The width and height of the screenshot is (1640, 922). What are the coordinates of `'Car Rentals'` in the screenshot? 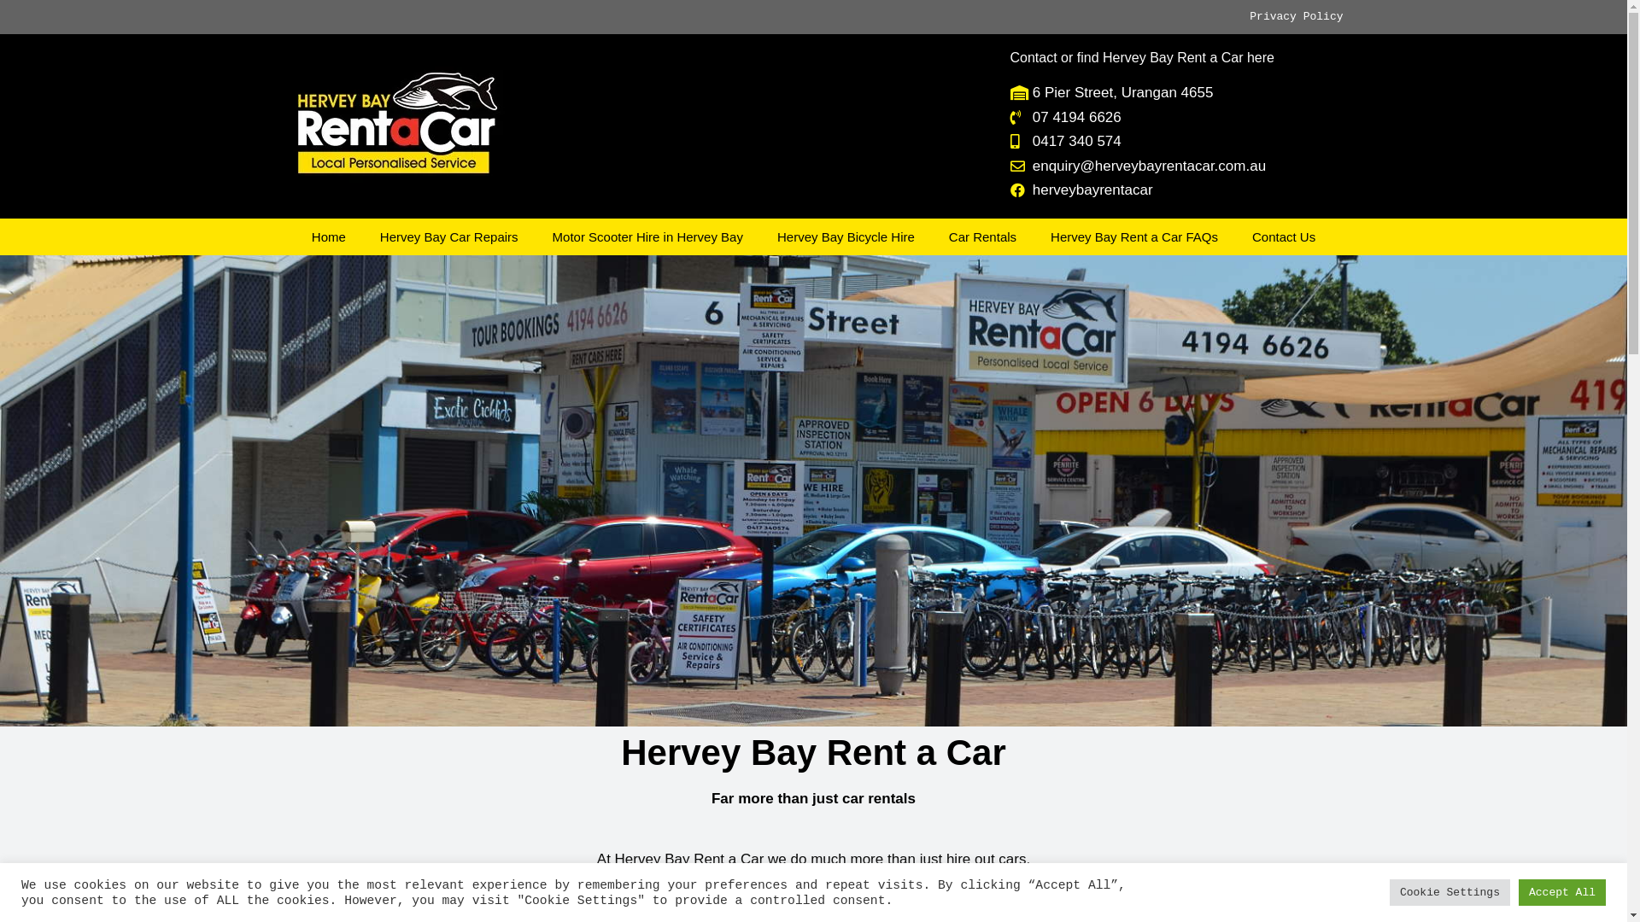 It's located at (982, 236).